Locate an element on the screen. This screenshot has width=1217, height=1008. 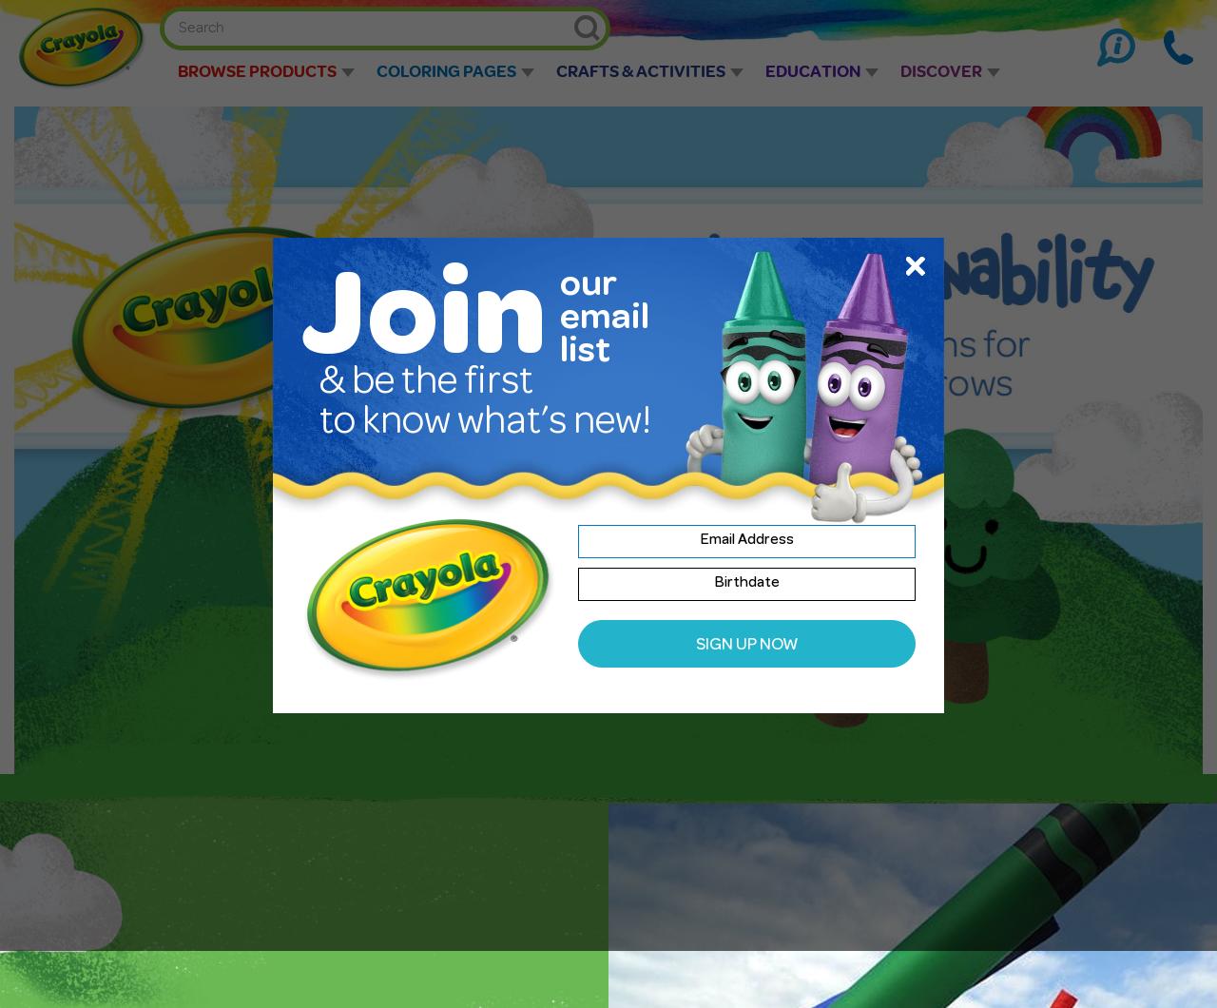
'& be the first' is located at coordinates (319, 384).